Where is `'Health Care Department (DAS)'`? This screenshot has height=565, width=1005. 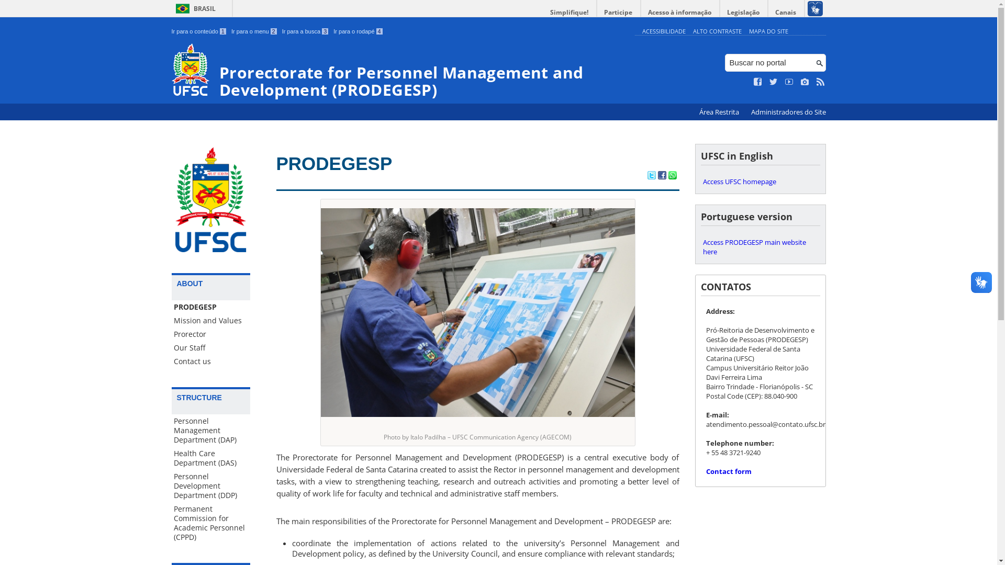 'Health Care Department (DAS)' is located at coordinates (171, 457).